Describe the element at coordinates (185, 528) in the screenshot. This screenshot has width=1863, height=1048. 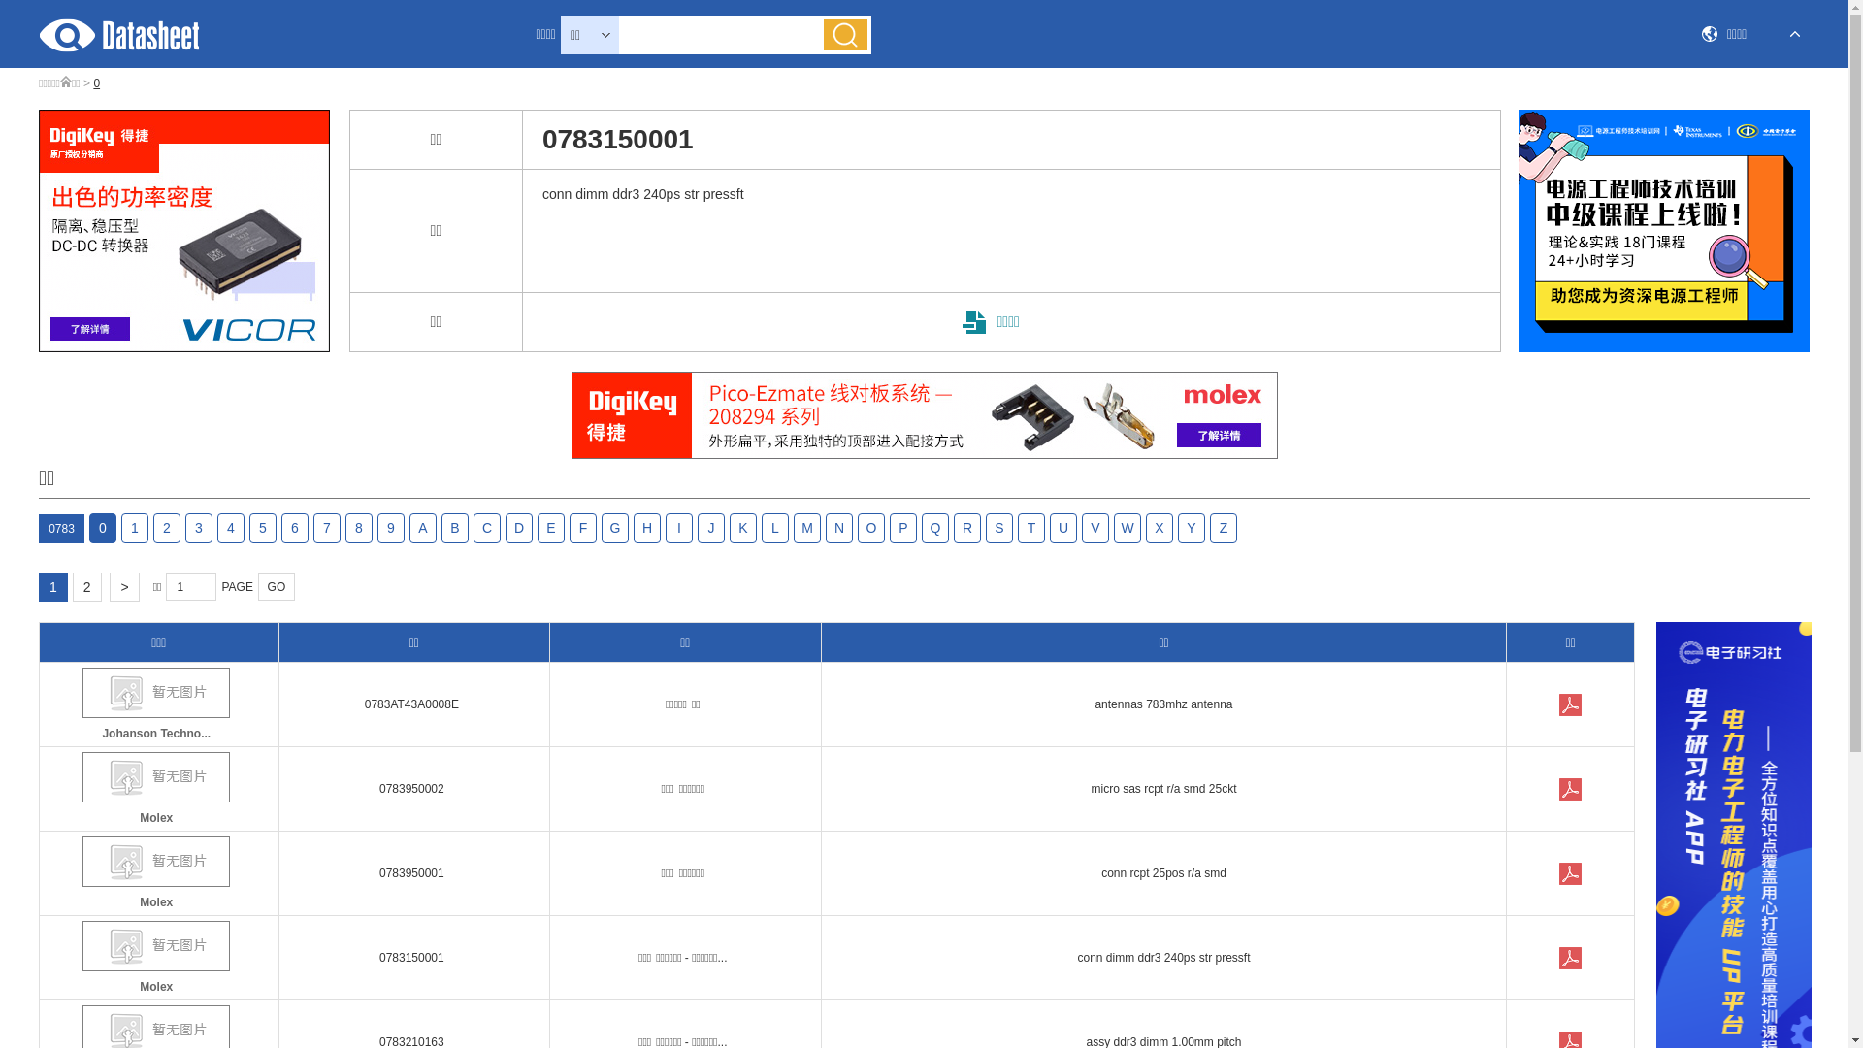
I see `'3'` at that location.